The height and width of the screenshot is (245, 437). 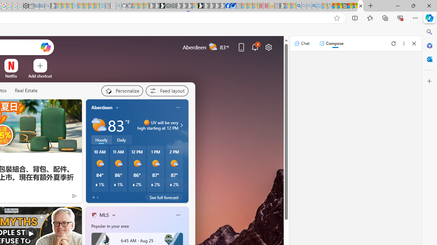 What do you see at coordinates (40, 76) in the screenshot?
I see `'Add a site'` at bounding box center [40, 76].